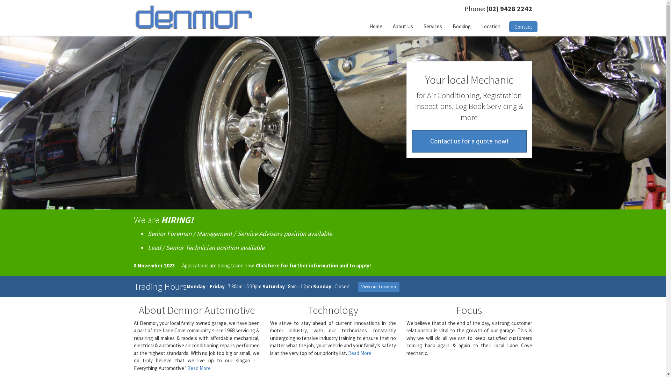 This screenshot has height=377, width=671. What do you see at coordinates (194, 16) in the screenshot?
I see `'Denmor'` at bounding box center [194, 16].